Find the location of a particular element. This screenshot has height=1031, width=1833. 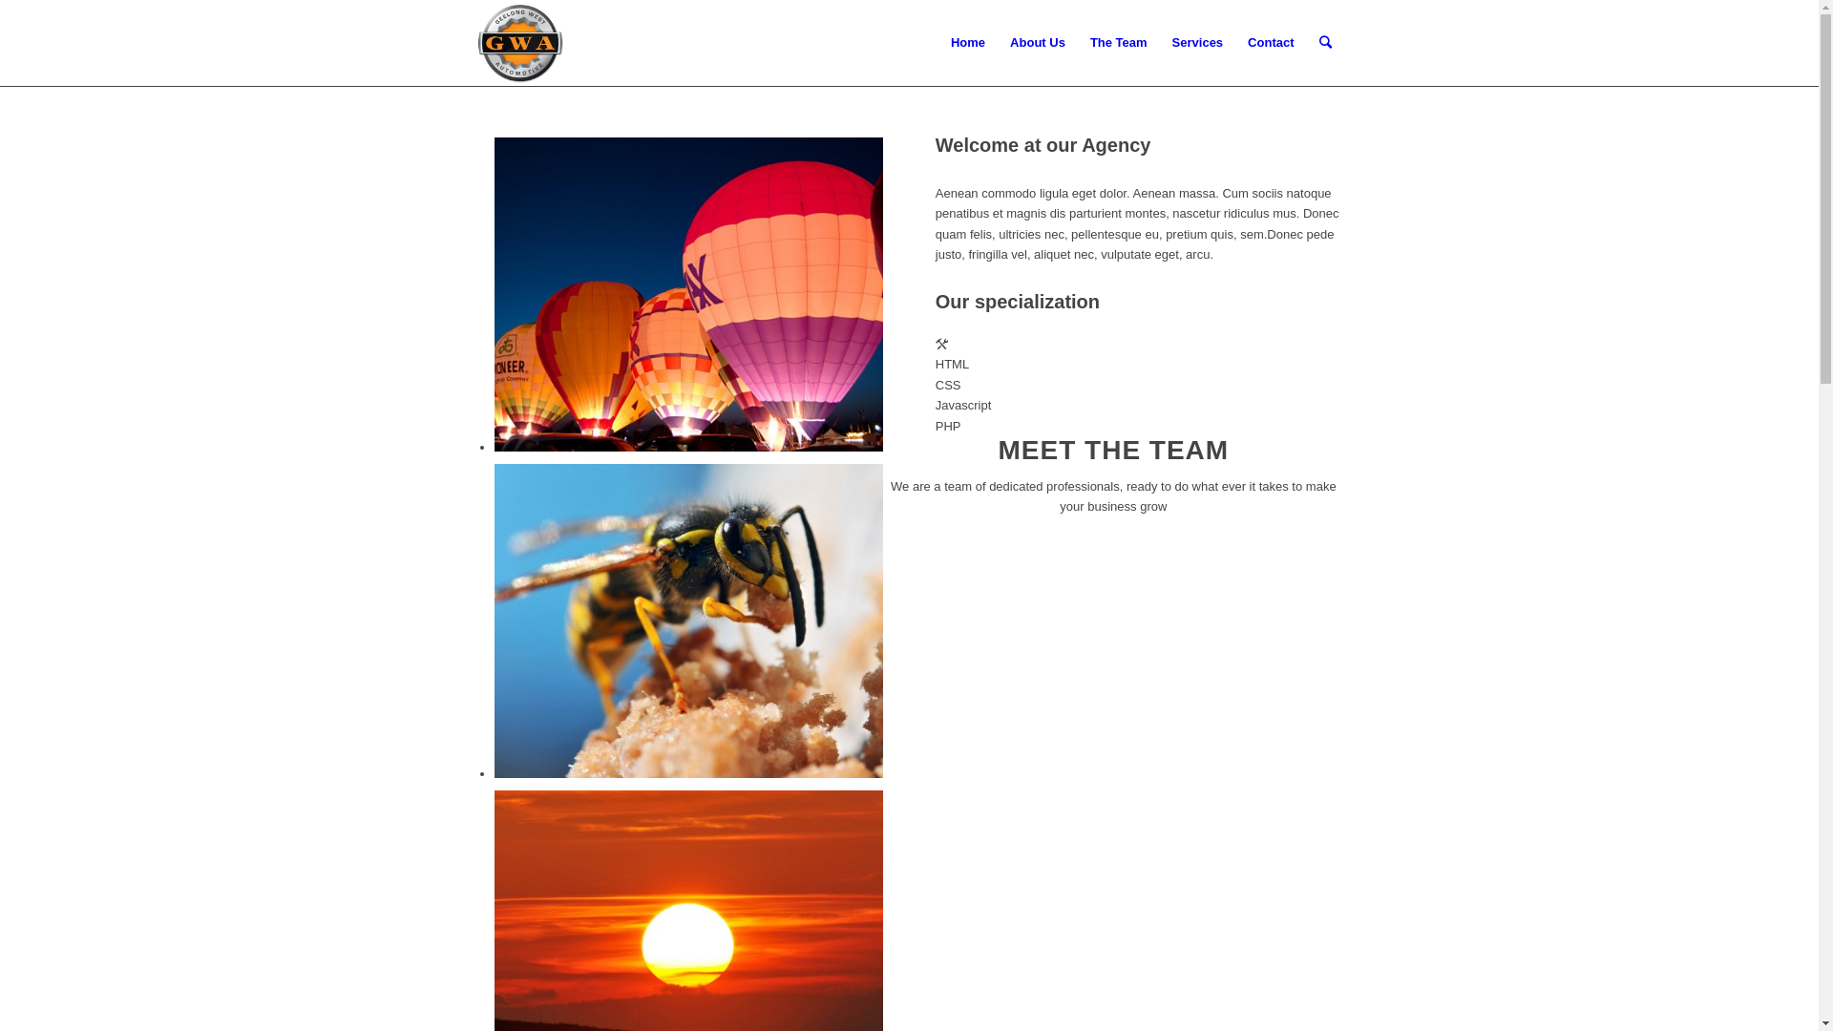

'Contact' is located at coordinates (1270, 43).